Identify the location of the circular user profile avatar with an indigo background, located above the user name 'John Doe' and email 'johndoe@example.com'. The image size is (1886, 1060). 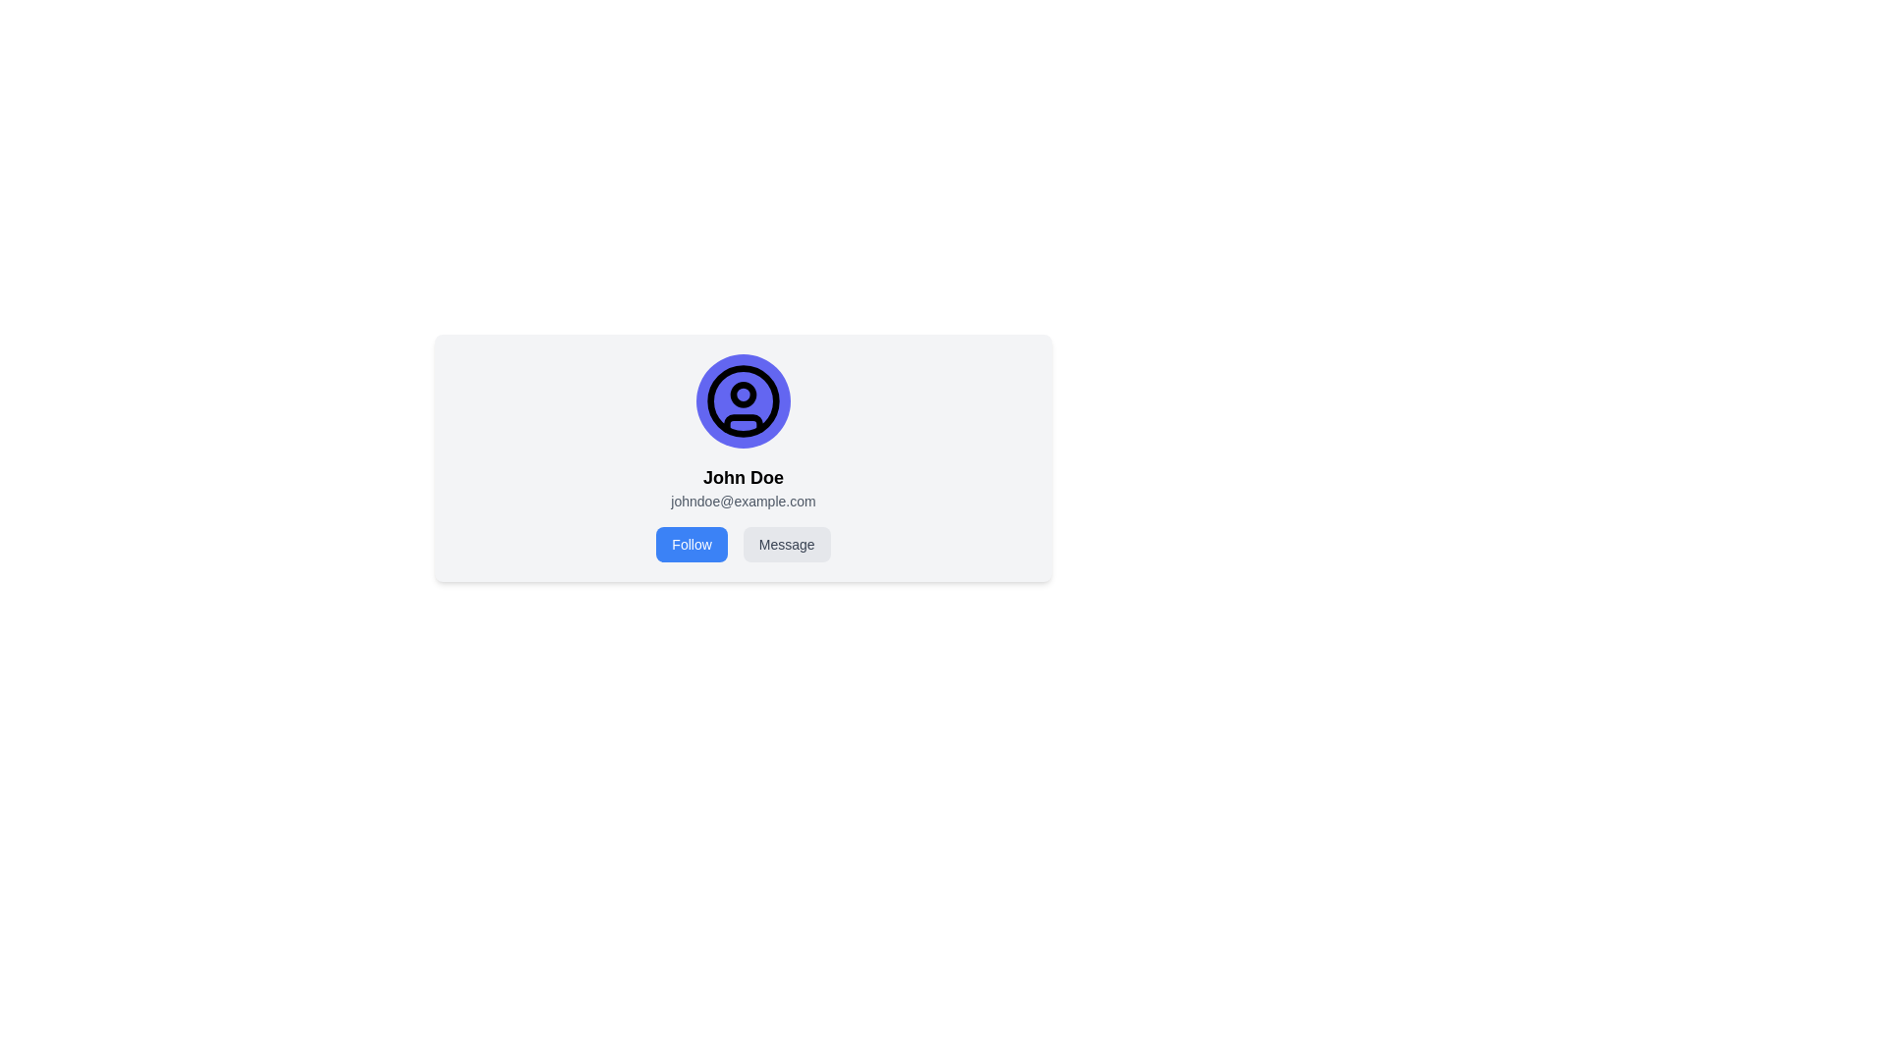
(743, 399).